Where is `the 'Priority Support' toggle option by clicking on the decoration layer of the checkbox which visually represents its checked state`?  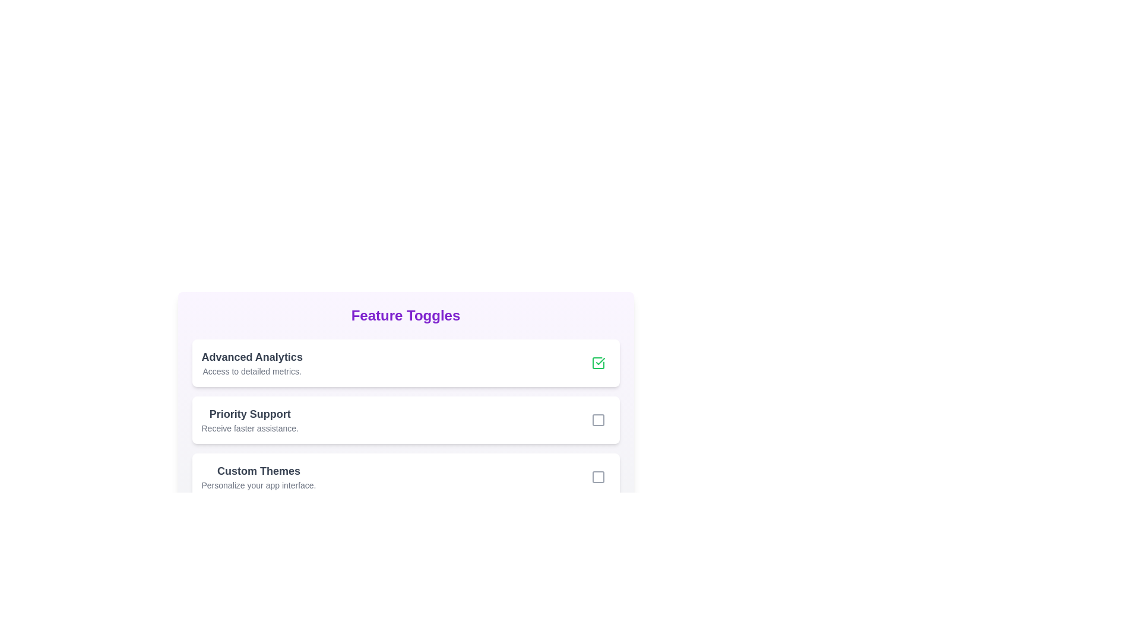 the 'Priority Support' toggle option by clicking on the decoration layer of the checkbox which visually represents its checked state is located at coordinates (598, 420).